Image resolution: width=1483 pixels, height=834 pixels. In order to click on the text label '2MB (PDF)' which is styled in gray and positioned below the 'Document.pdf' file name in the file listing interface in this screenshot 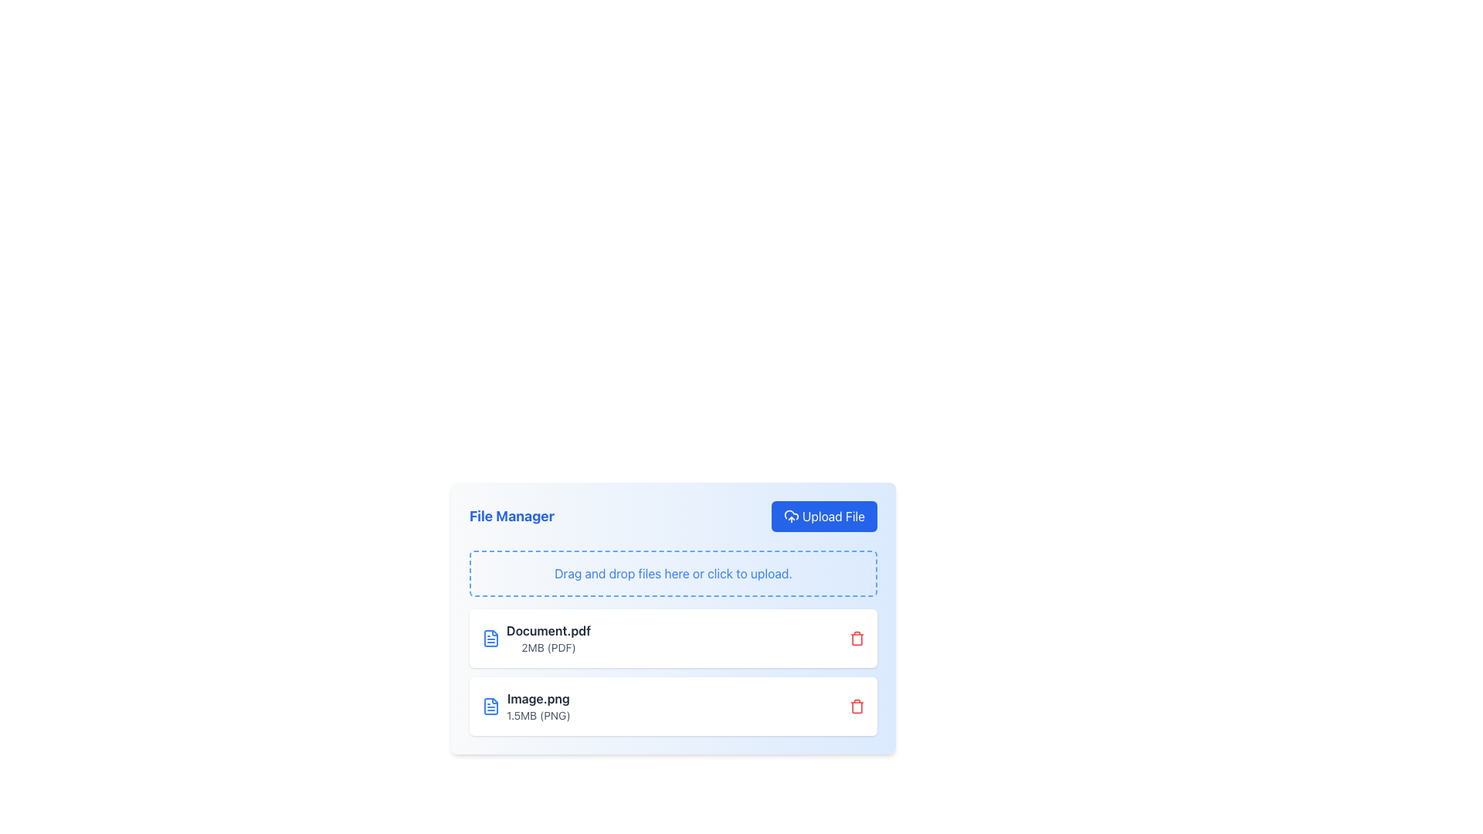, I will do `click(548, 648)`.